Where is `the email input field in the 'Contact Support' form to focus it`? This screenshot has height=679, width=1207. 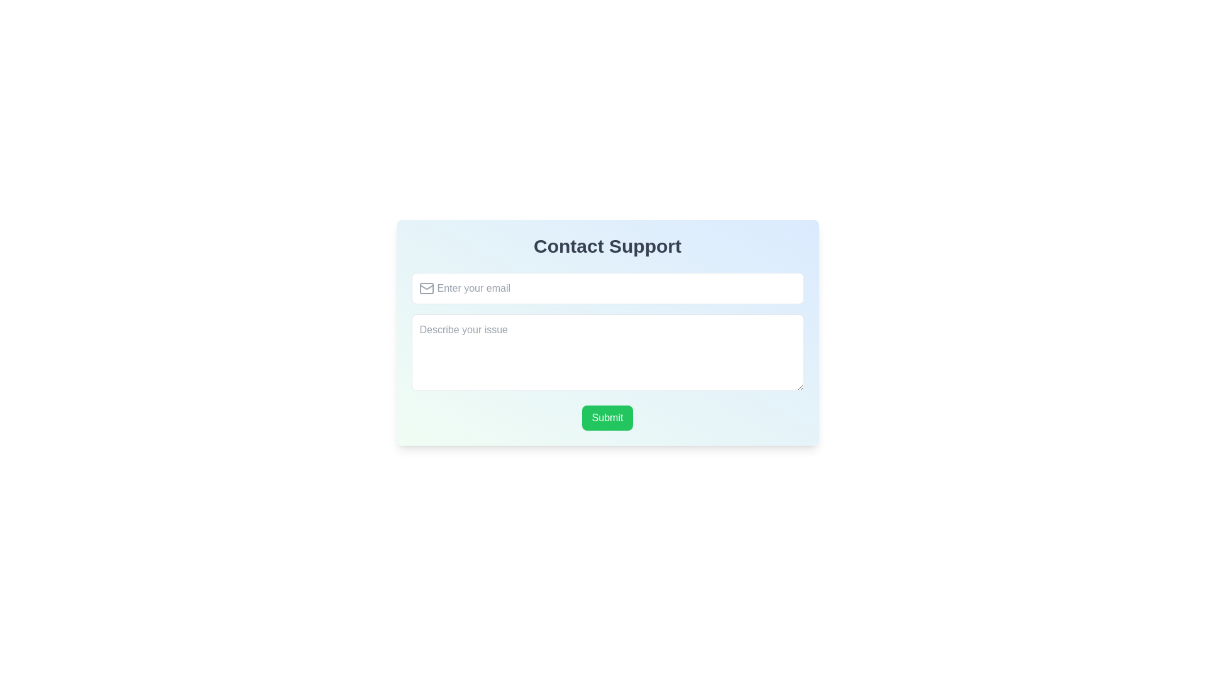 the email input field in the 'Contact Support' form to focus it is located at coordinates (607, 289).